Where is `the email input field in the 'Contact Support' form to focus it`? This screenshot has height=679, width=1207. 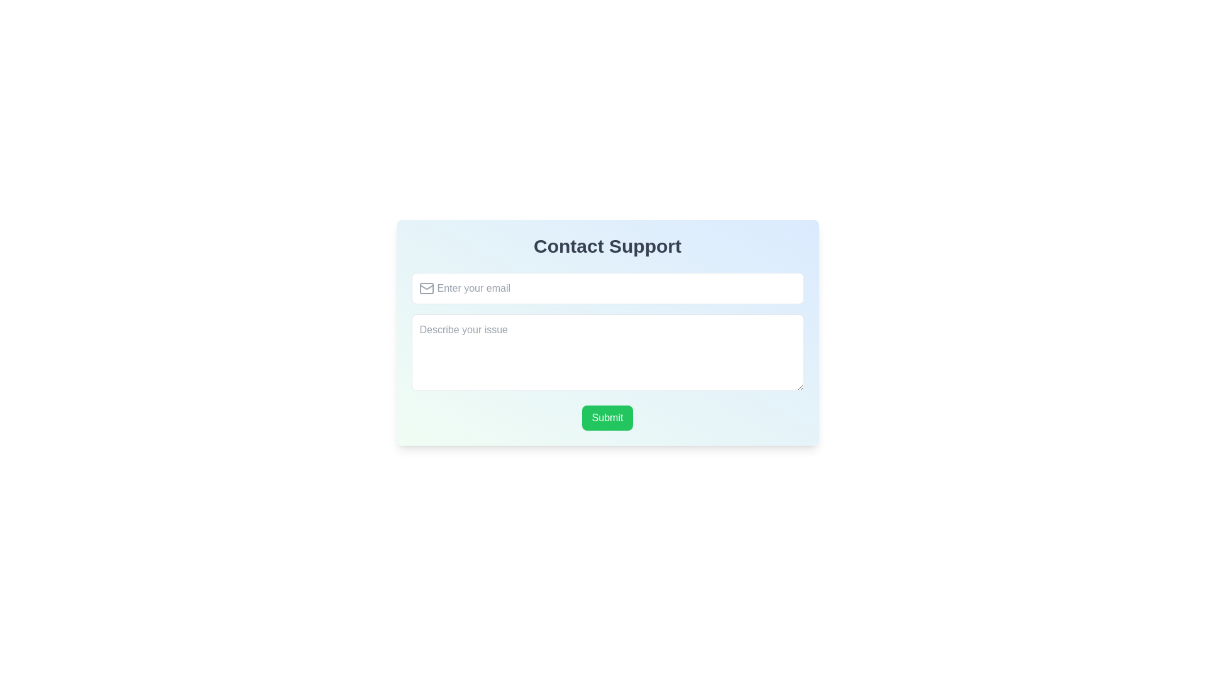 the email input field in the 'Contact Support' form to focus it is located at coordinates (607, 289).